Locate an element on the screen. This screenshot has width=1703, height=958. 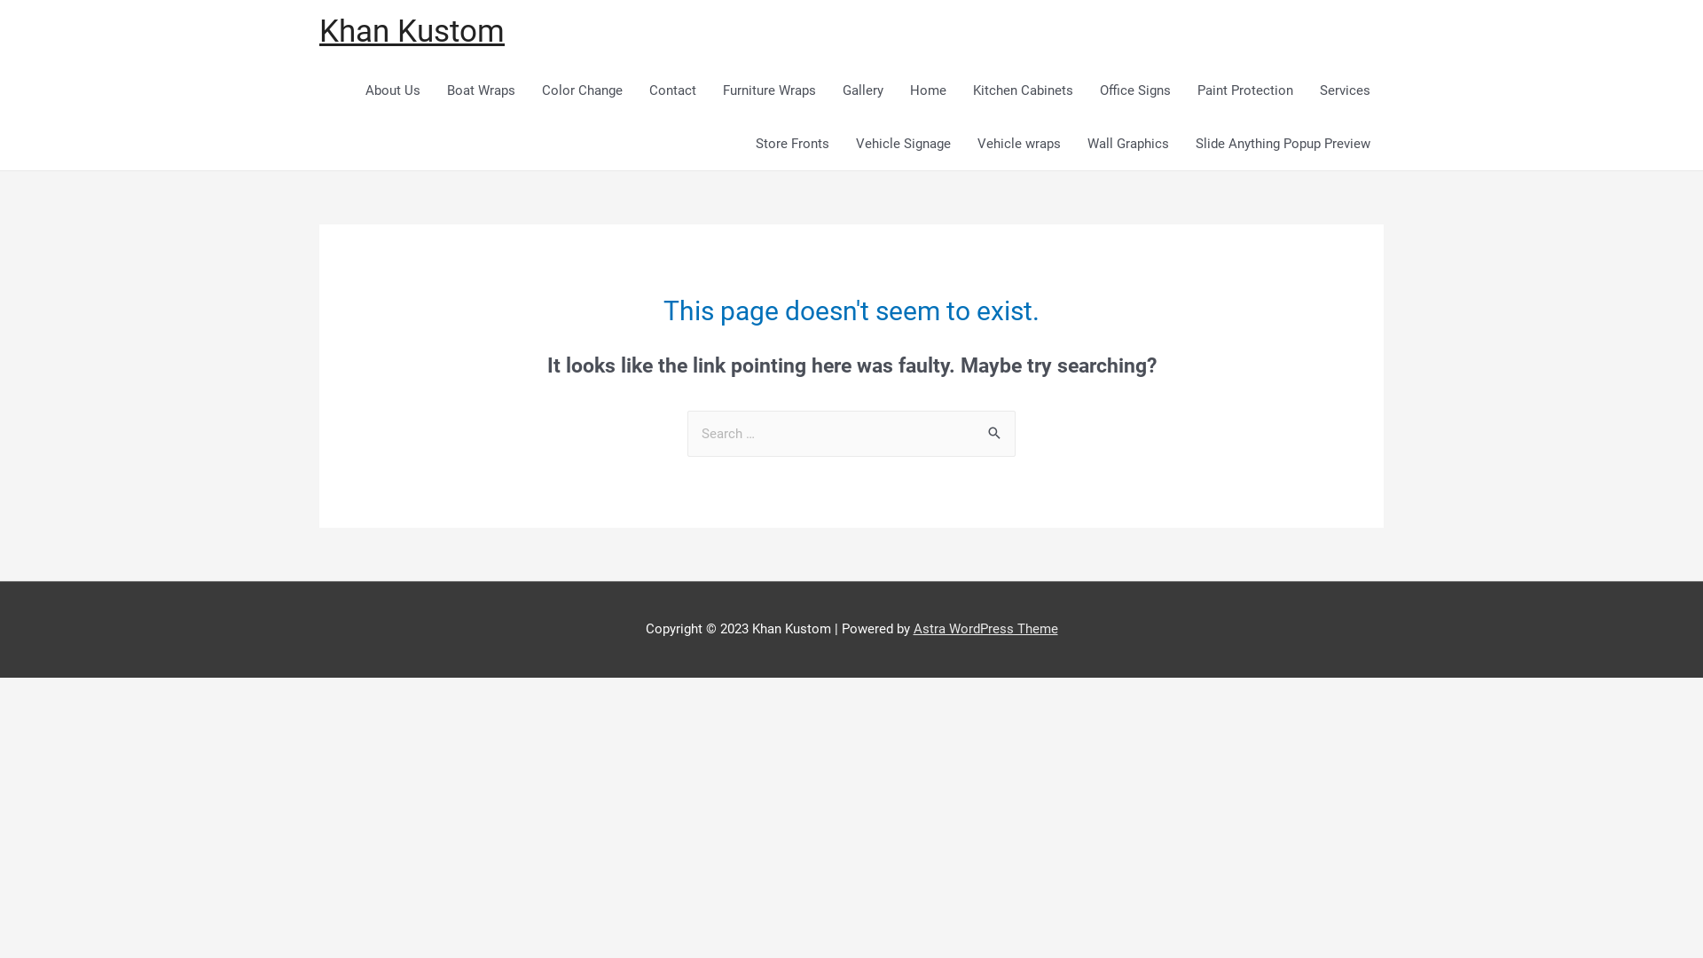
'Khan Kustom' is located at coordinates (411, 31).